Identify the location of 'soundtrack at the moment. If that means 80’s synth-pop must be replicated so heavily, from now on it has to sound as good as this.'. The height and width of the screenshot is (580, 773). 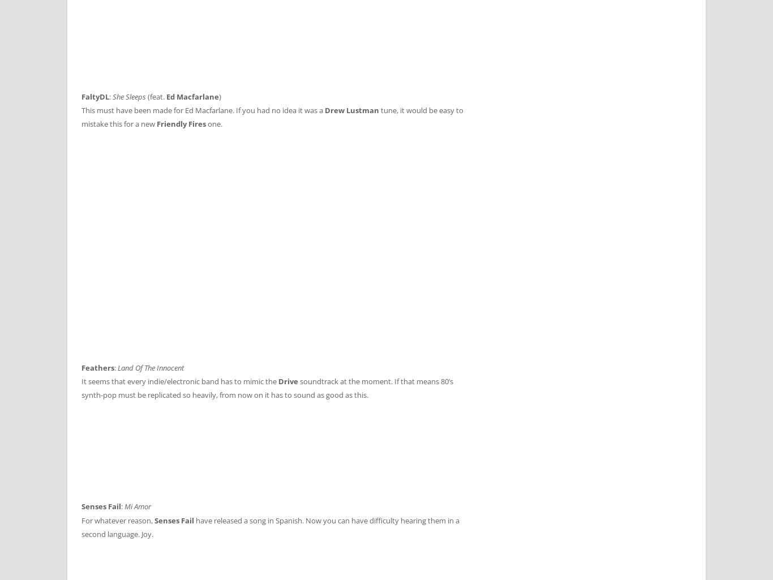
(267, 388).